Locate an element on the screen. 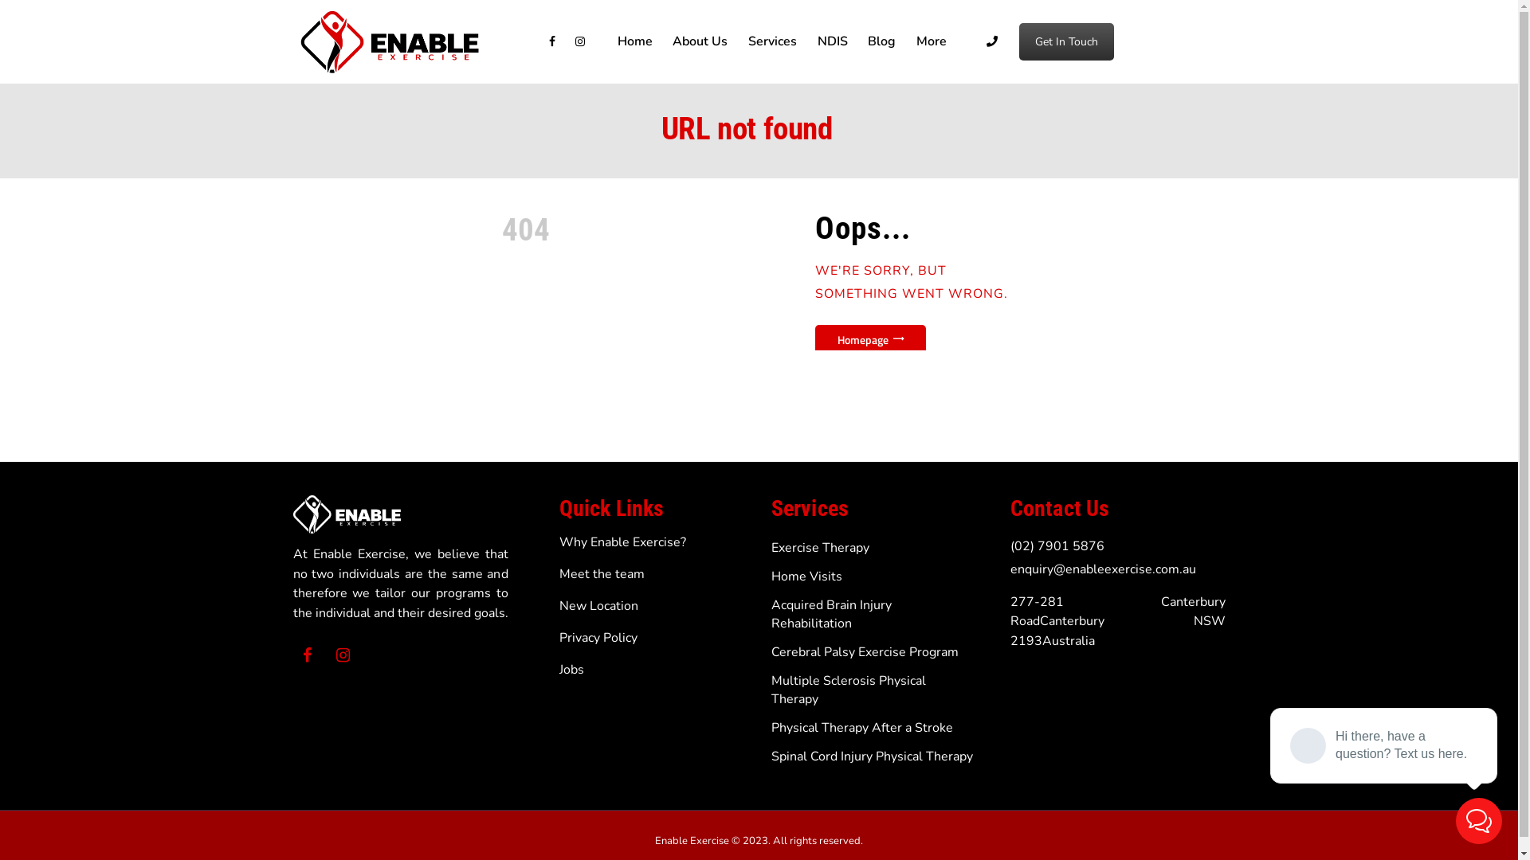  'Privacy Policy' is located at coordinates (597, 637).